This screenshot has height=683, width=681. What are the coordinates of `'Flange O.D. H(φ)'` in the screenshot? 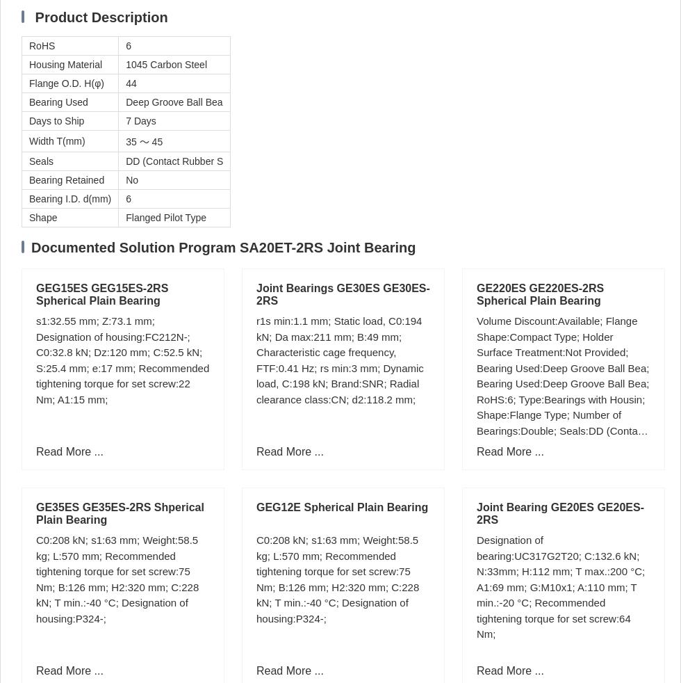 It's located at (66, 83).